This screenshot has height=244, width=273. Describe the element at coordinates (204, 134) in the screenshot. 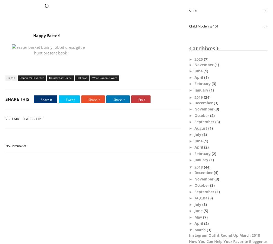

I see `'(6)'` at that location.